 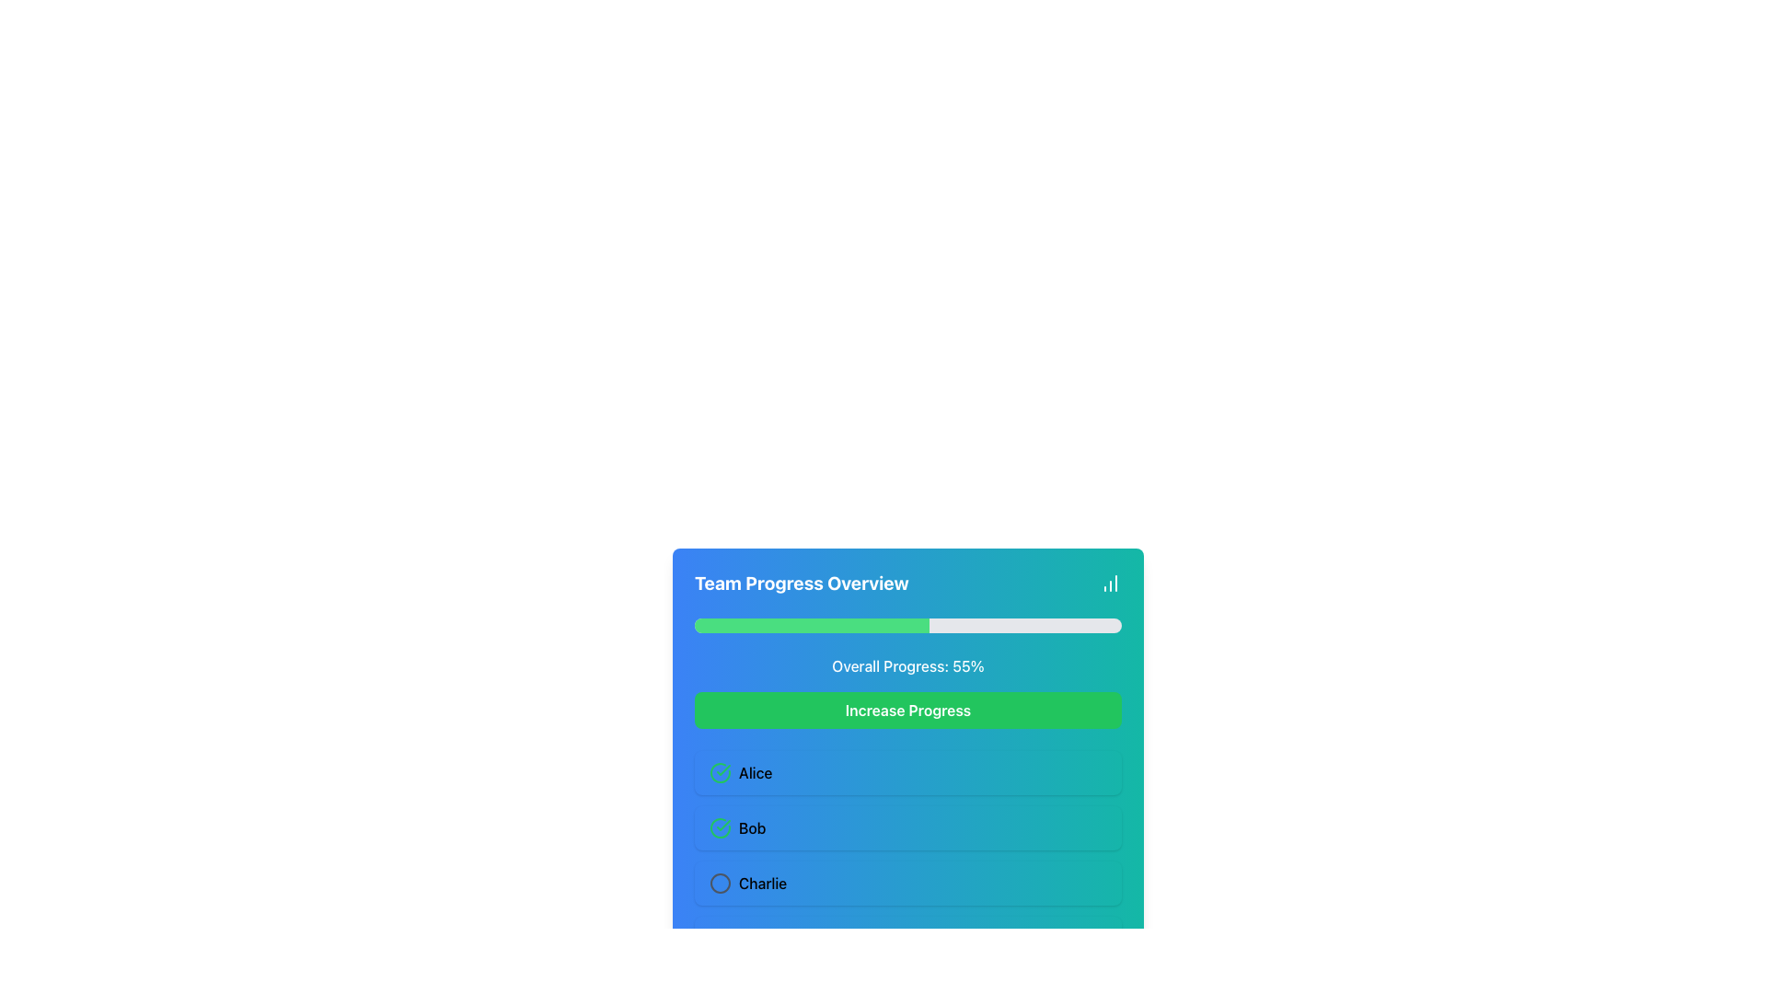 I want to click on the list item displaying the name 'Bob' in the 'Team Progress Overview' section, so click(x=908, y=826).